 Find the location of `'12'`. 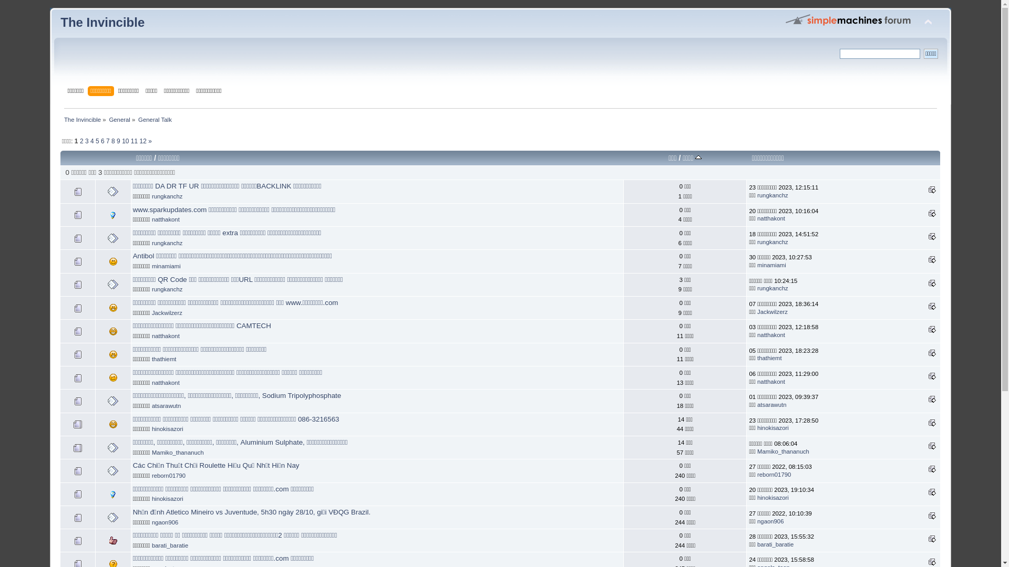

'12' is located at coordinates (142, 141).